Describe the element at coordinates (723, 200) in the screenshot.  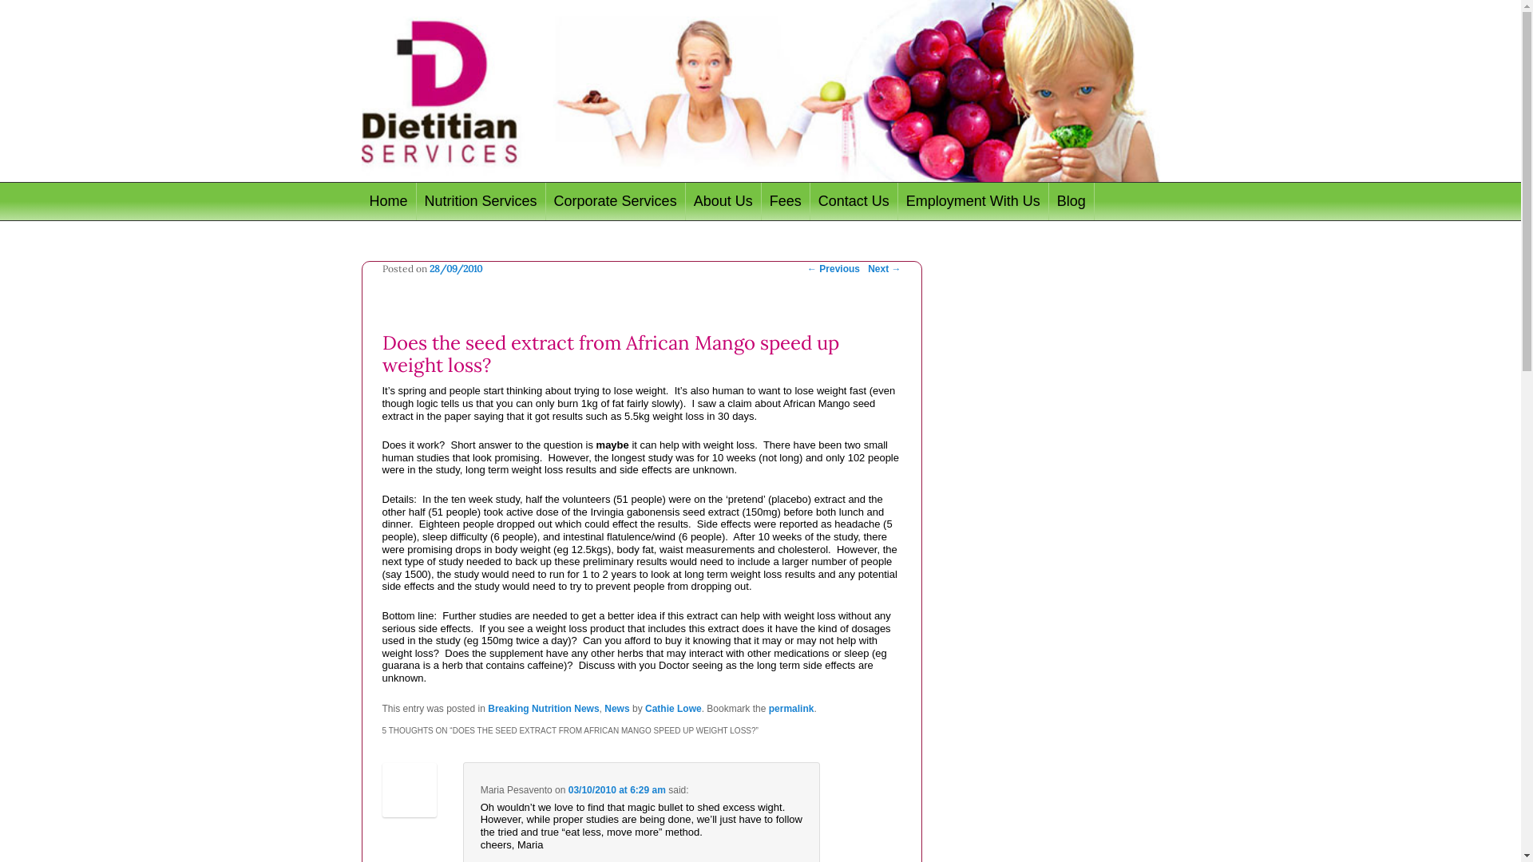
I see `'About Us'` at that location.